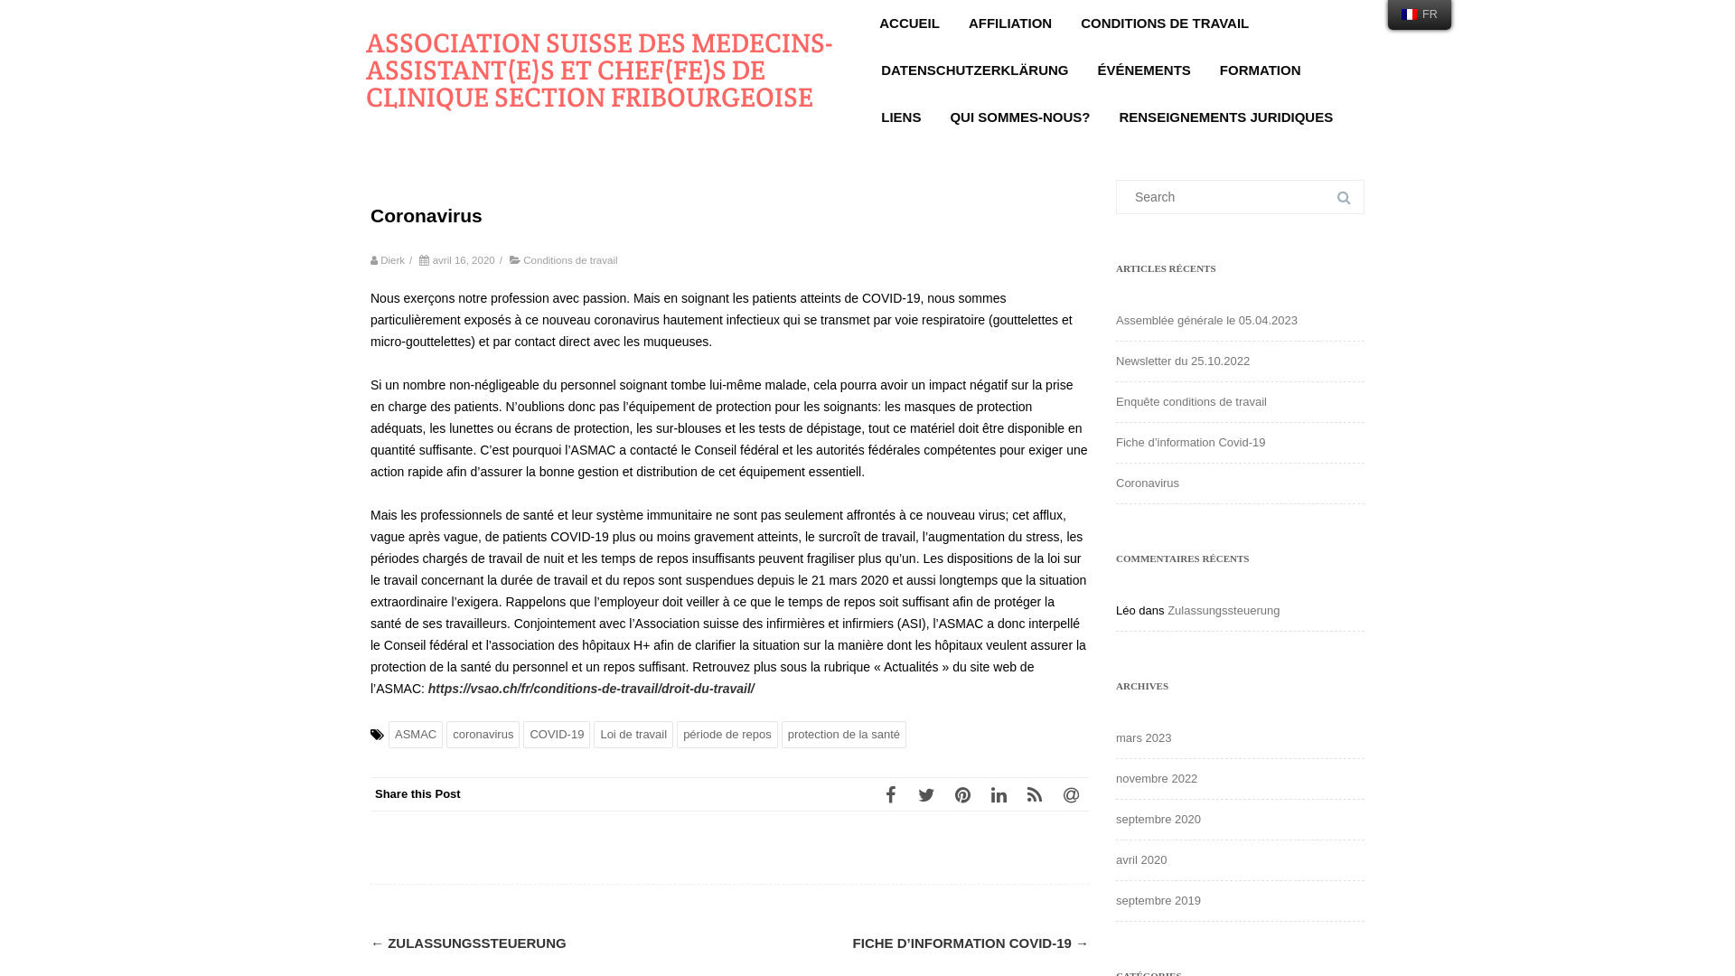 This screenshot has height=976, width=1735. I want to click on 'LIENS', so click(901, 117).